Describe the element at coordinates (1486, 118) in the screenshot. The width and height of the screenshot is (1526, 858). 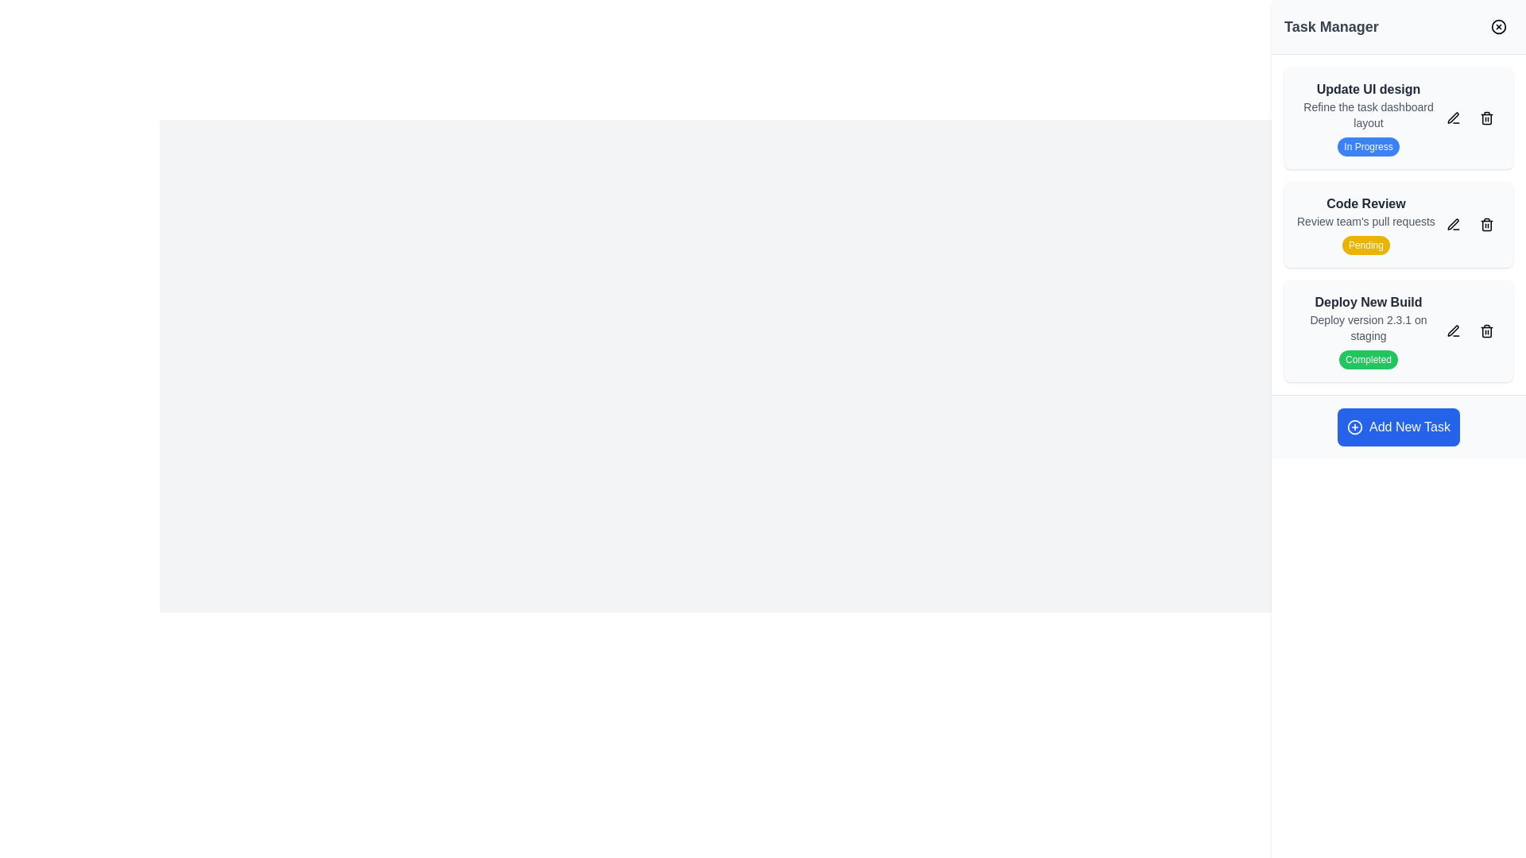
I see `the semi-transparent, rounded rectangle trash can icon that is part of the Delete button located in the top-right corner of the 'Update UI design' task card in the 'Task Manager' panel` at that location.